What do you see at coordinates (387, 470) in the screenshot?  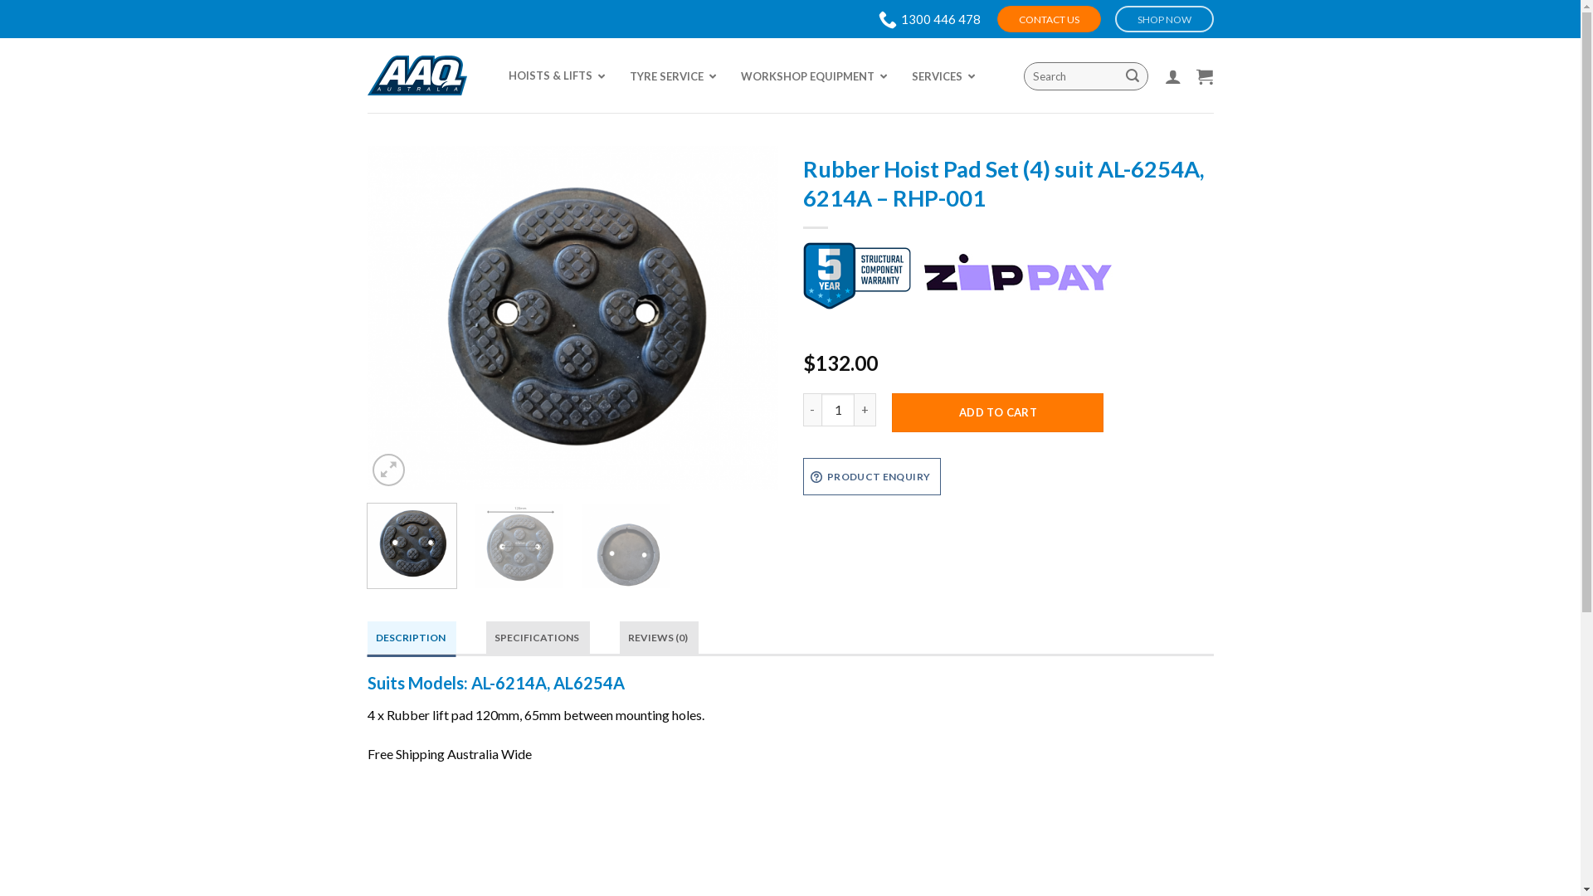 I see `'Zoom'` at bounding box center [387, 470].